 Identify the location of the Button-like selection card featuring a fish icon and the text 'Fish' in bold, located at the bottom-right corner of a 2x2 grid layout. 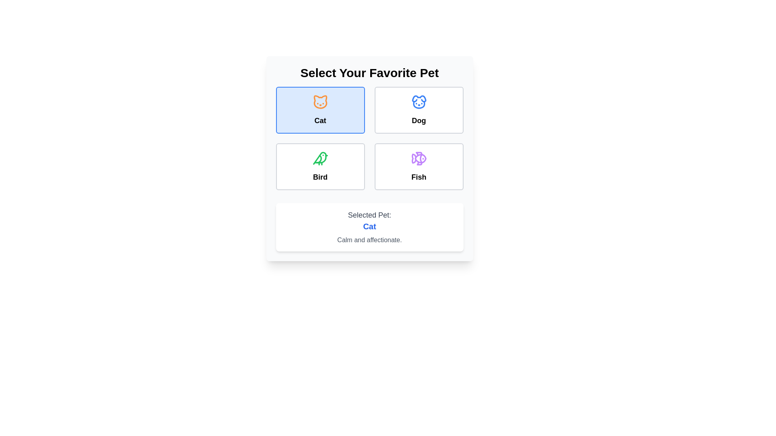
(419, 166).